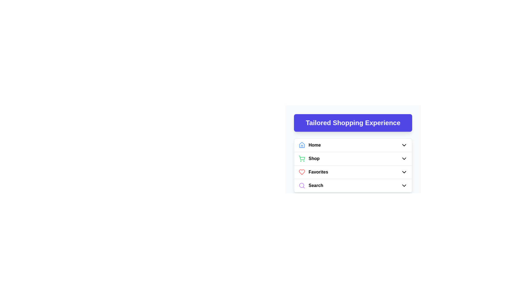 Image resolution: width=529 pixels, height=297 pixels. What do you see at coordinates (309, 159) in the screenshot?
I see `the Navigation link that features a green shopping cart icon followed by the bold text 'Shop'` at bounding box center [309, 159].